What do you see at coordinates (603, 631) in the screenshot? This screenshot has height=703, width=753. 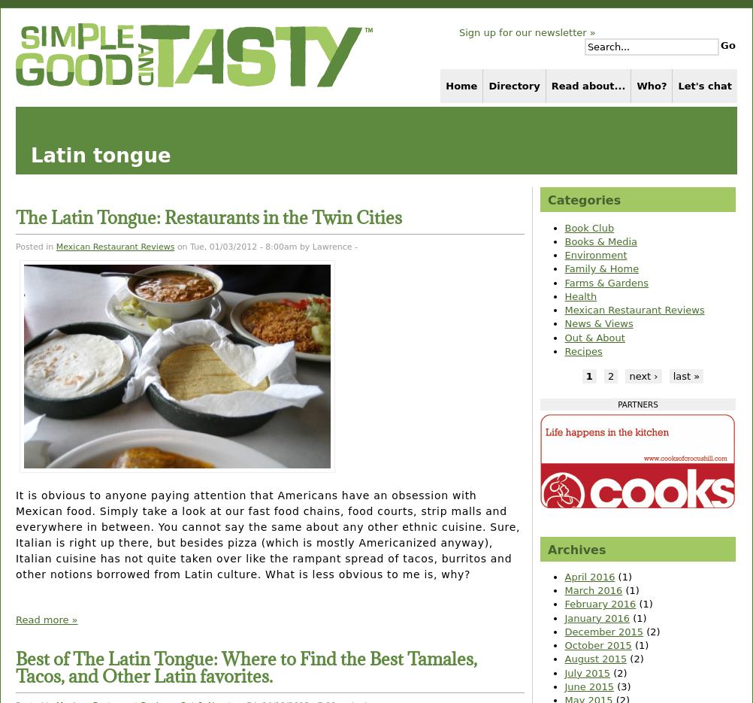 I see `'December 2015'` at bounding box center [603, 631].